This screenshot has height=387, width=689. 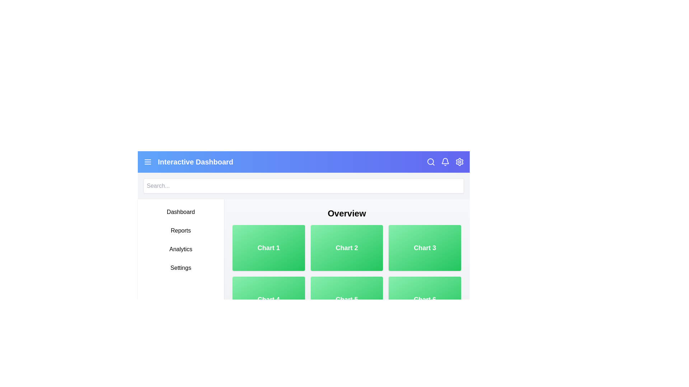 I want to click on the Settings from the sidebar menu, so click(x=181, y=268).